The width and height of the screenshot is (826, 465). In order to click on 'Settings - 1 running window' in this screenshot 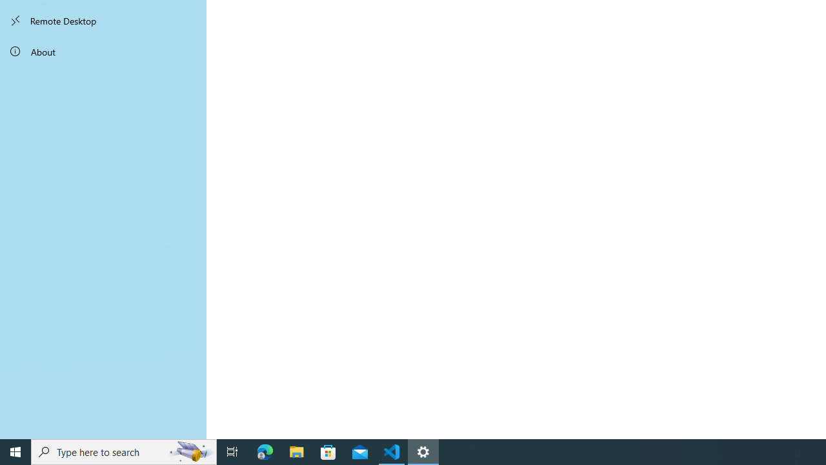, I will do `click(423, 451)`.